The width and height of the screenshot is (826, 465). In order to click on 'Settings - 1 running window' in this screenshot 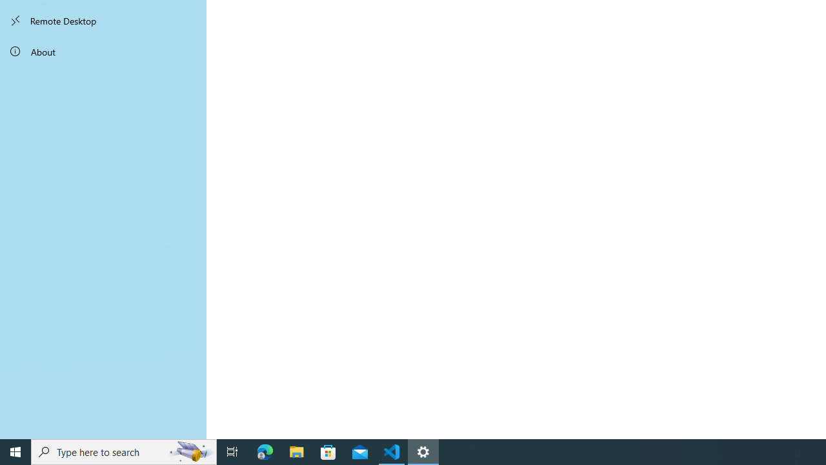, I will do `click(423, 451)`.